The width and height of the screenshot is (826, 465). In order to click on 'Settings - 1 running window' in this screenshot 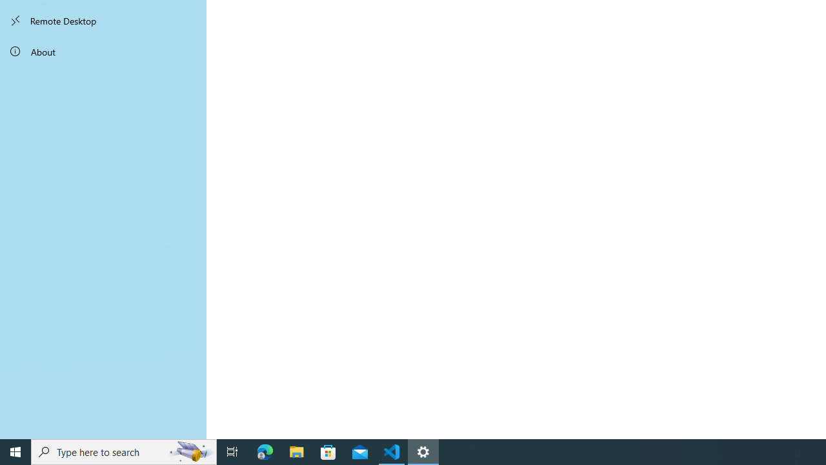, I will do `click(423, 451)`.